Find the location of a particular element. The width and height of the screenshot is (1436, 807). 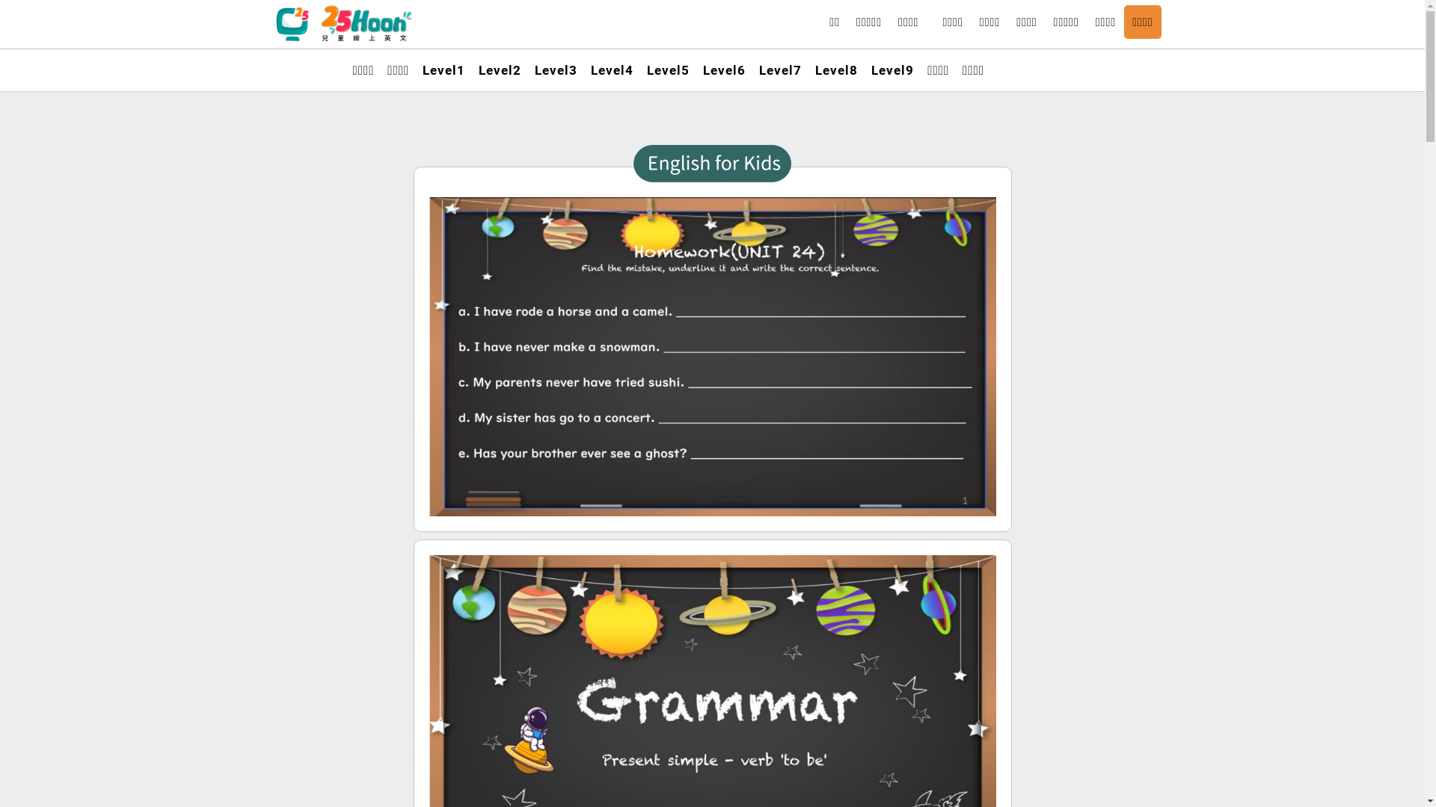

'English for kids' is located at coordinates (633, 164).